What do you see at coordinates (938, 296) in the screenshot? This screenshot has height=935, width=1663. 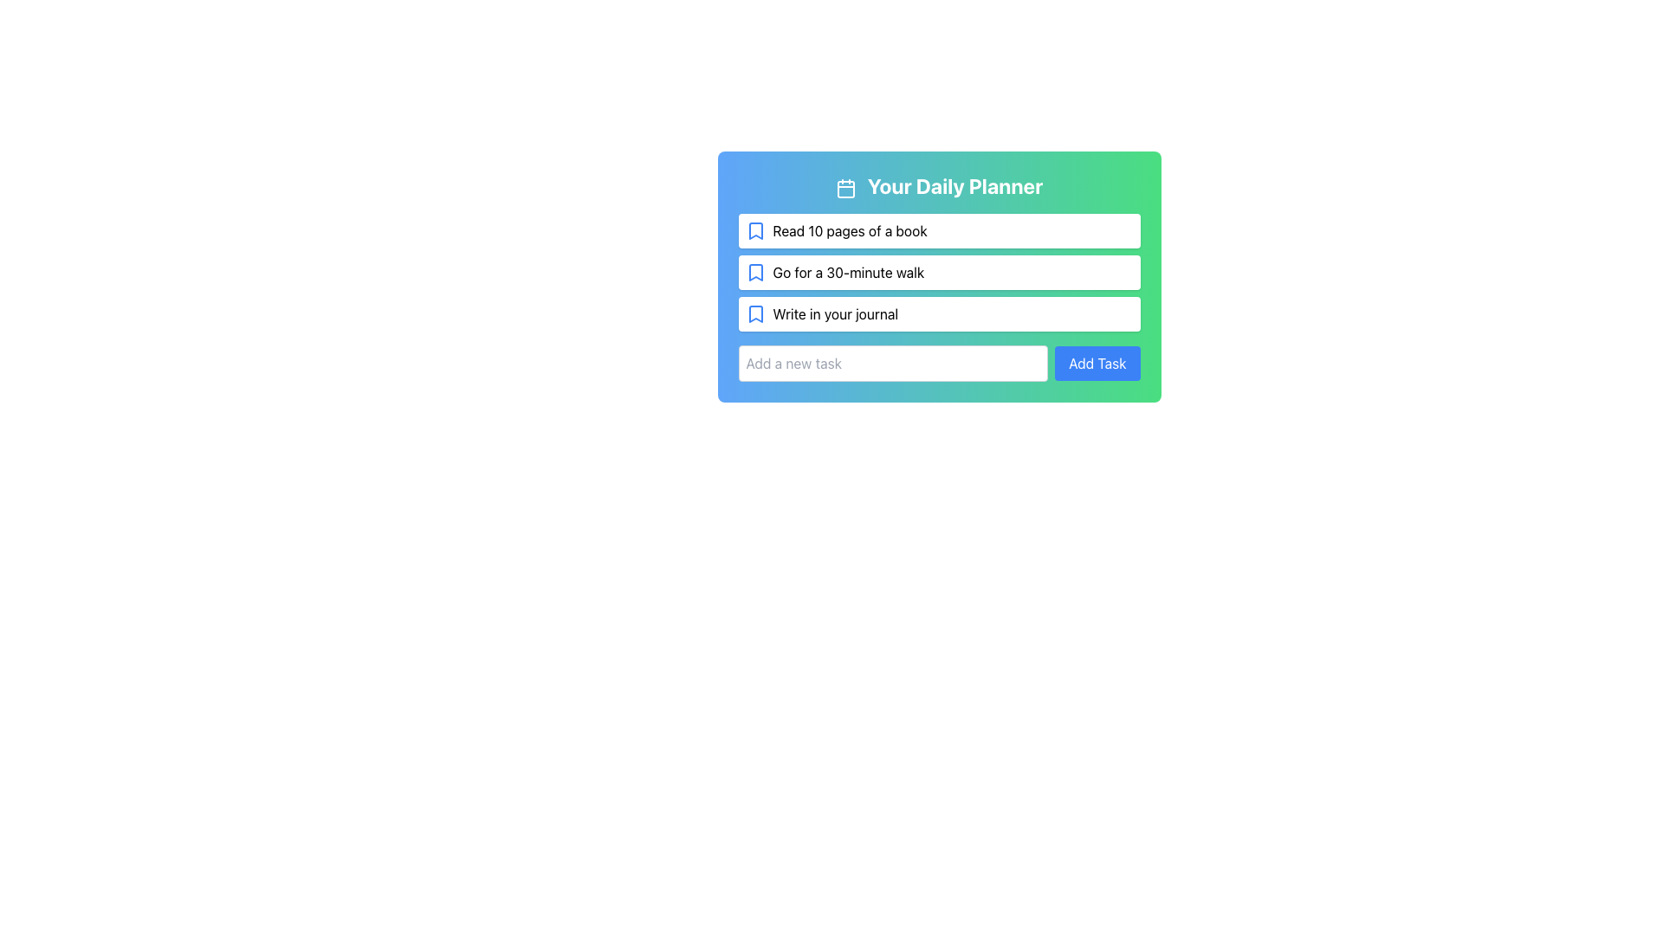 I see `individual tasks within the Task List Section of 'Your Daily Planner'` at bounding box center [938, 296].